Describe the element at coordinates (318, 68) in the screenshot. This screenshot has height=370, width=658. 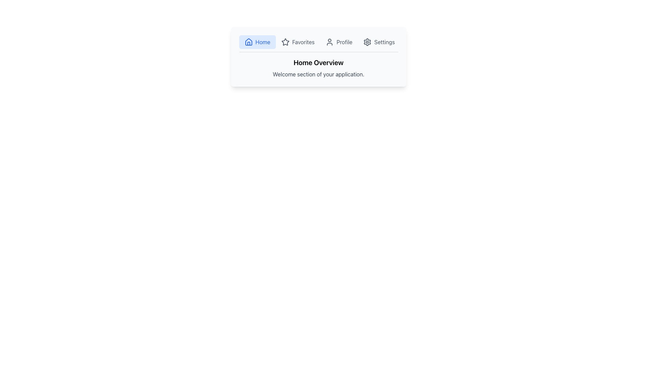
I see `the Text display that shows 'Home Overview' and 'Welcome section of your application.'` at that location.